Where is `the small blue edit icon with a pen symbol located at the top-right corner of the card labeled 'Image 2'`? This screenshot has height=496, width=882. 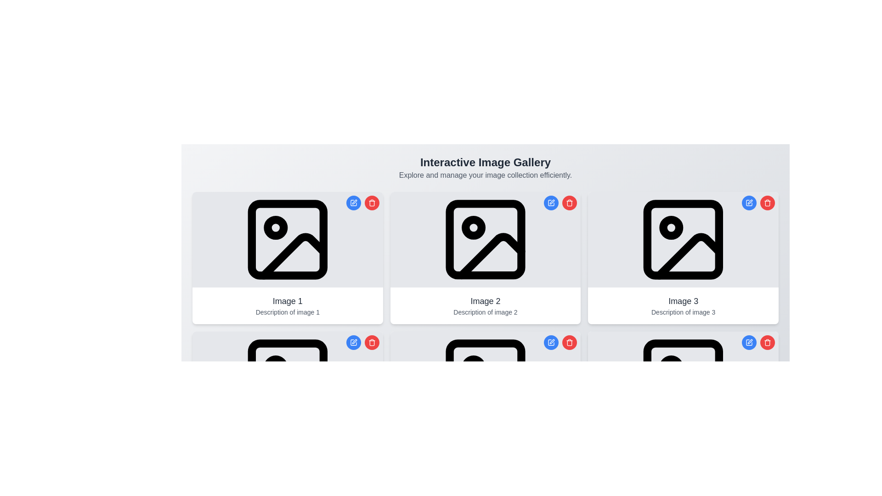
the small blue edit icon with a pen symbol located at the top-right corner of the card labeled 'Image 2' is located at coordinates (551, 342).